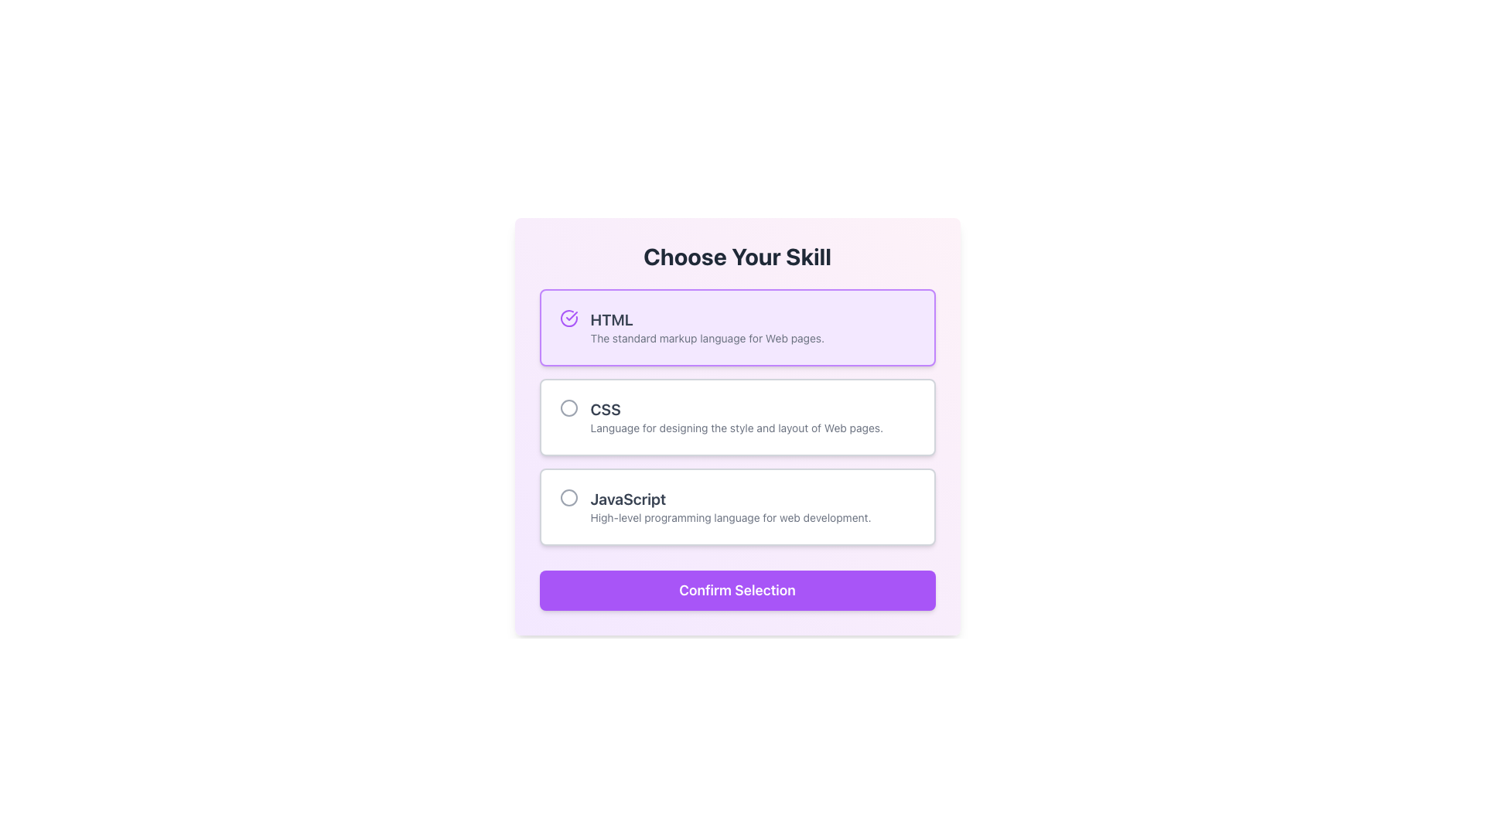 Image resolution: width=1485 pixels, height=835 pixels. I want to click on the selection status of the circular icon with a checkmark inside, which has a purple border and is located to the left of the 'HTML' text in the first option section highlighted in purple, so click(568, 318).